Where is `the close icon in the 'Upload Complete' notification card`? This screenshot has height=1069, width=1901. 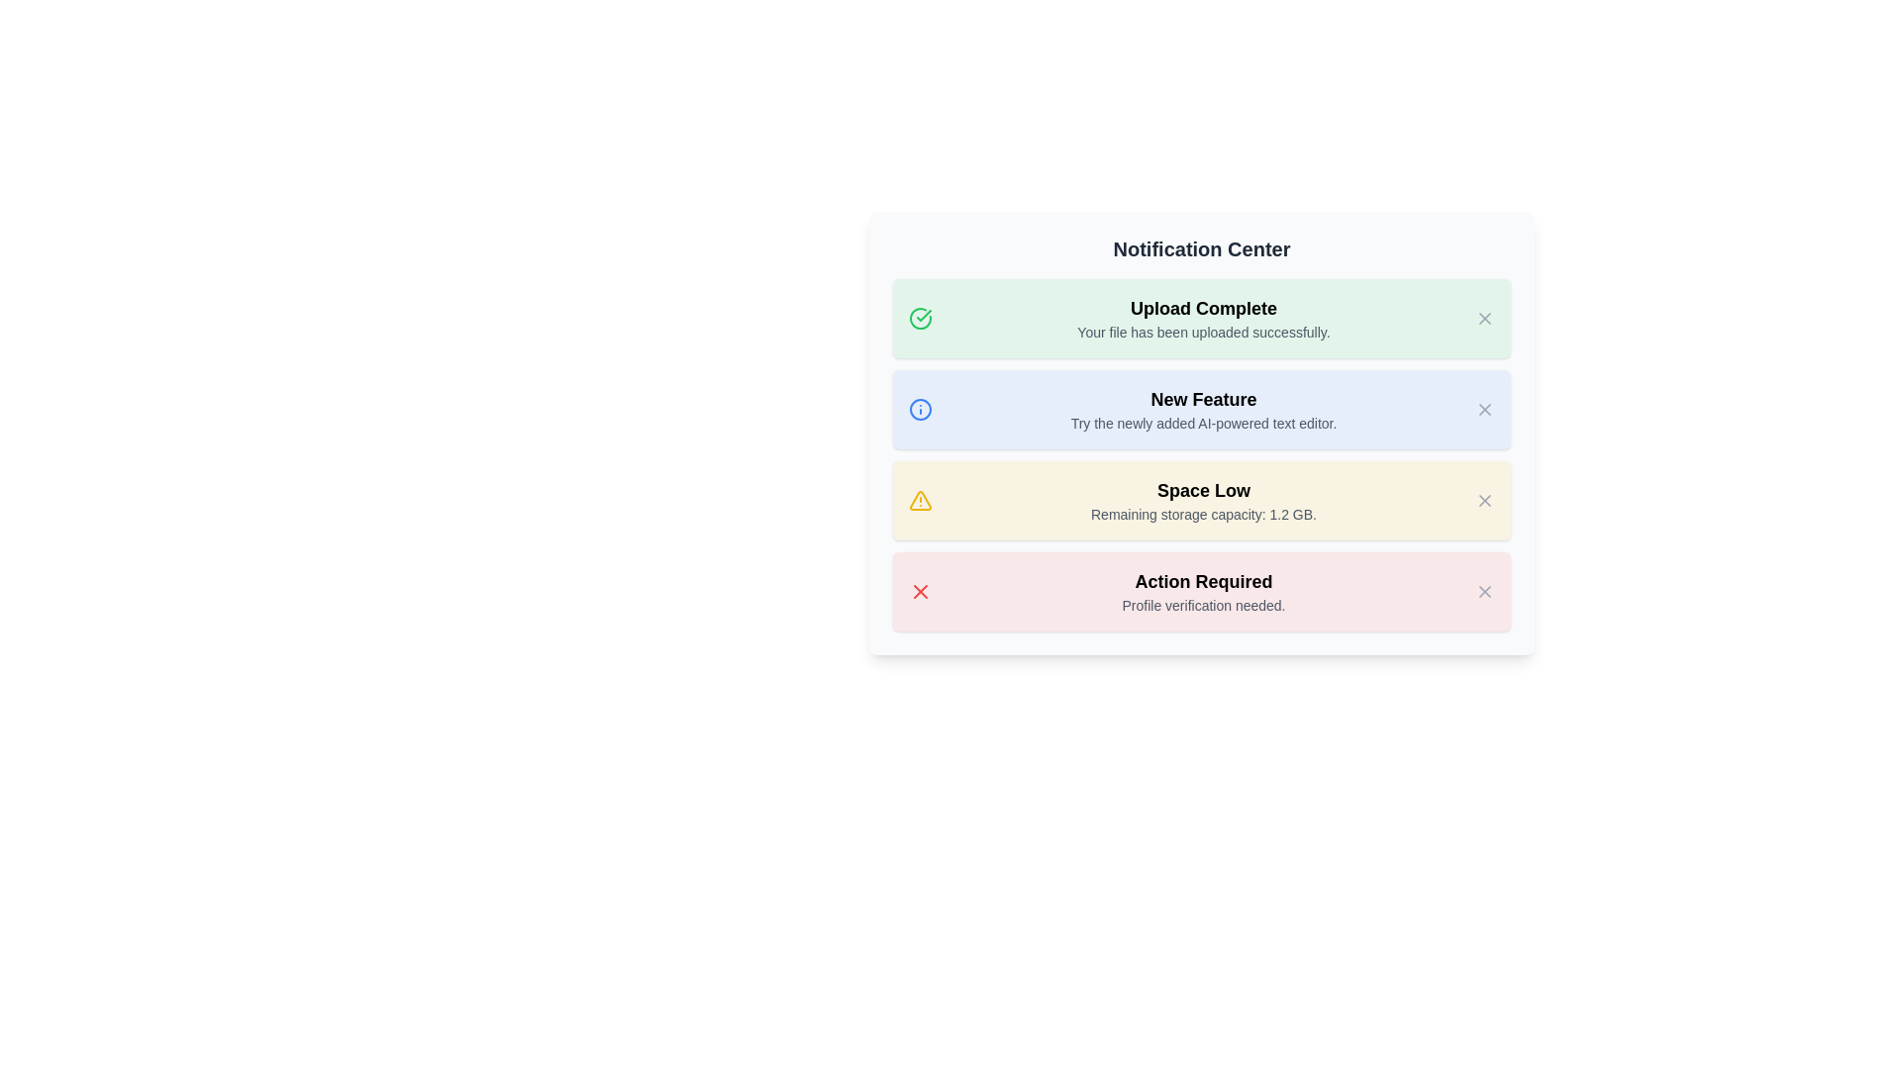 the close icon in the 'Upload Complete' notification card is located at coordinates (1484, 317).